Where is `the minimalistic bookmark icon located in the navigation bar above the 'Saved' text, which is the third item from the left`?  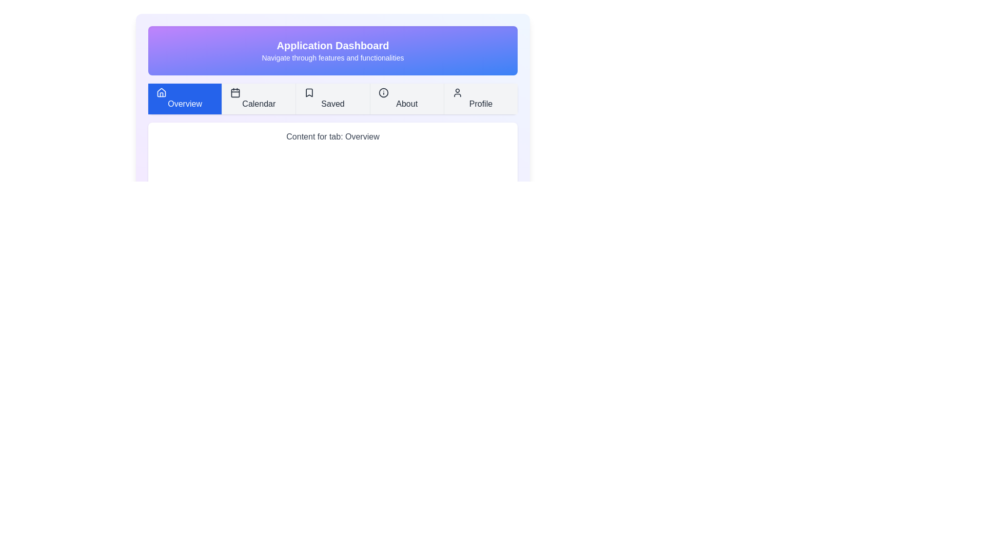
the minimalistic bookmark icon located in the navigation bar above the 'Saved' text, which is the third item from the left is located at coordinates (309, 93).